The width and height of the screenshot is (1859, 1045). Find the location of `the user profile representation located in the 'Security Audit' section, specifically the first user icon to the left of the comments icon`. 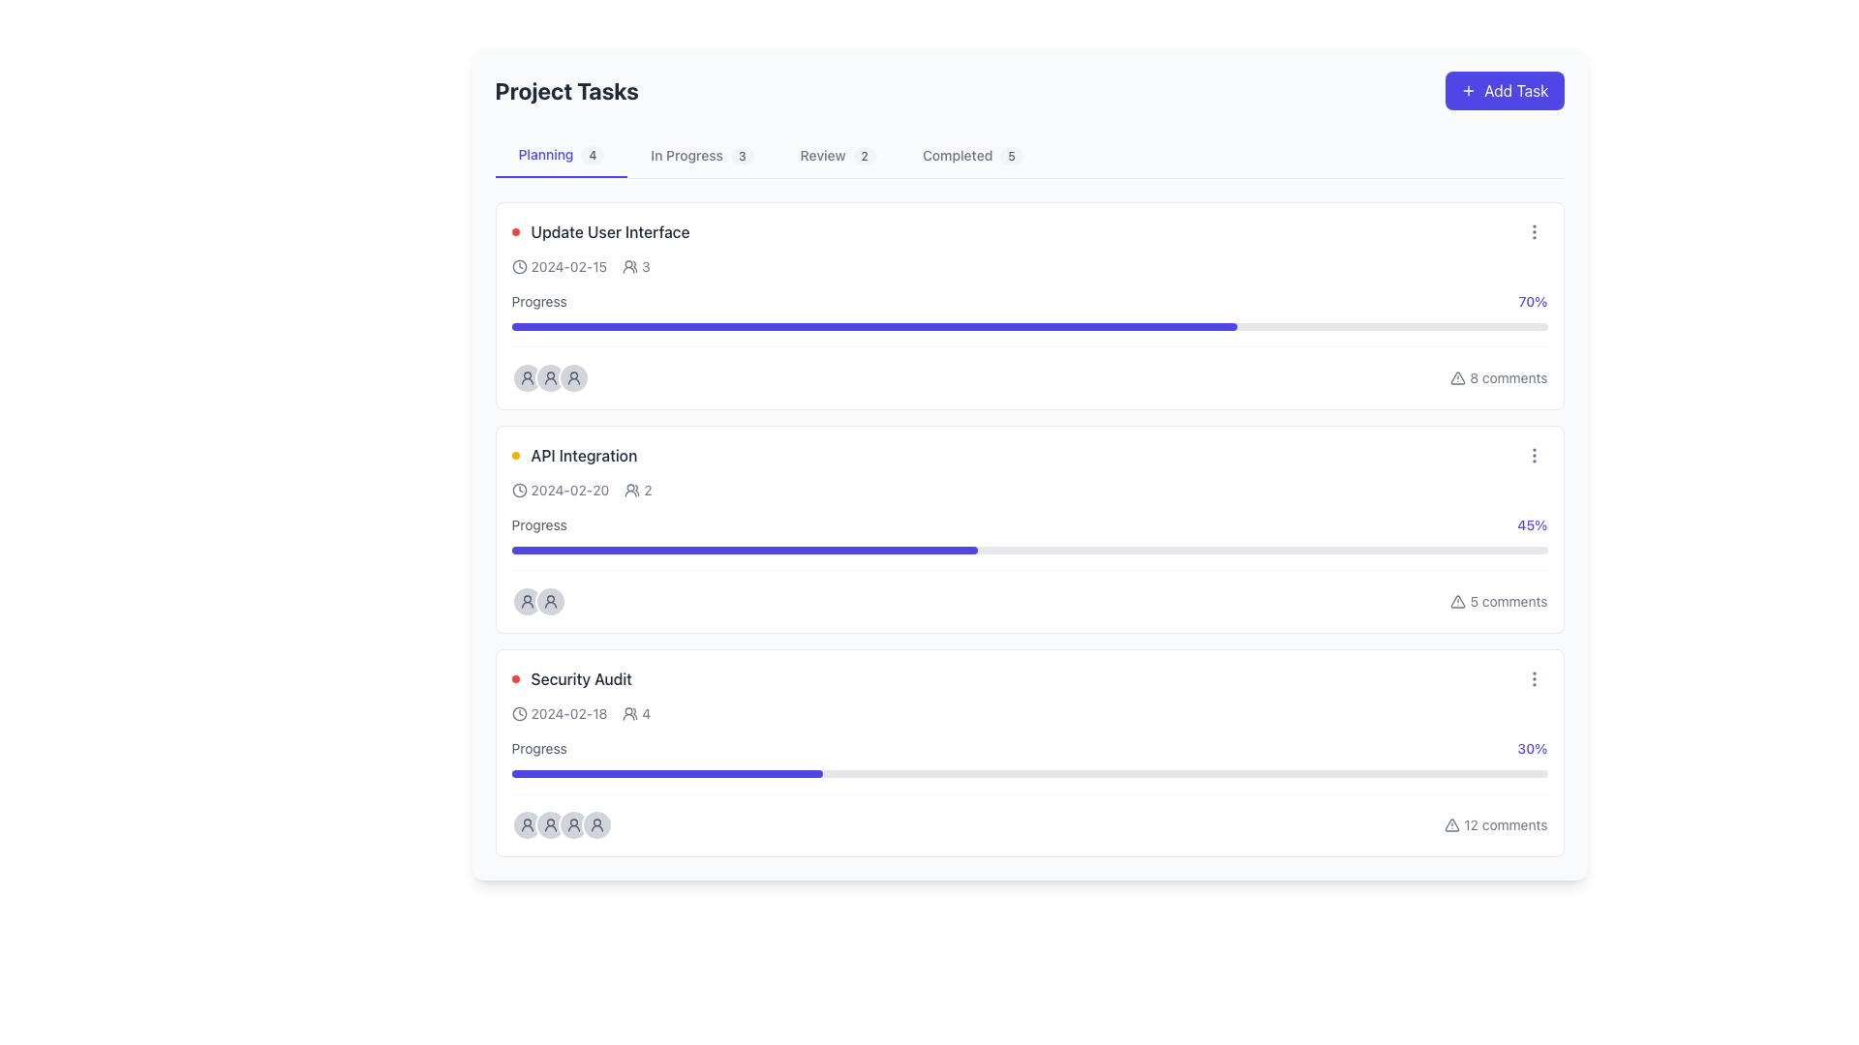

the user profile representation located in the 'Security Audit' section, specifically the first user icon to the left of the comments icon is located at coordinates (561, 824).